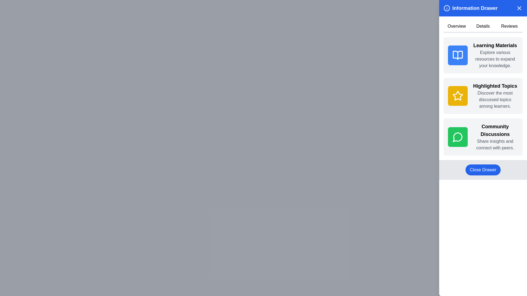 The height and width of the screenshot is (296, 527). What do you see at coordinates (458, 96) in the screenshot?
I see `the yellow rectangular box with rounded corners and a star icon at its center, located within the 'Highlighted Topics' section` at bounding box center [458, 96].